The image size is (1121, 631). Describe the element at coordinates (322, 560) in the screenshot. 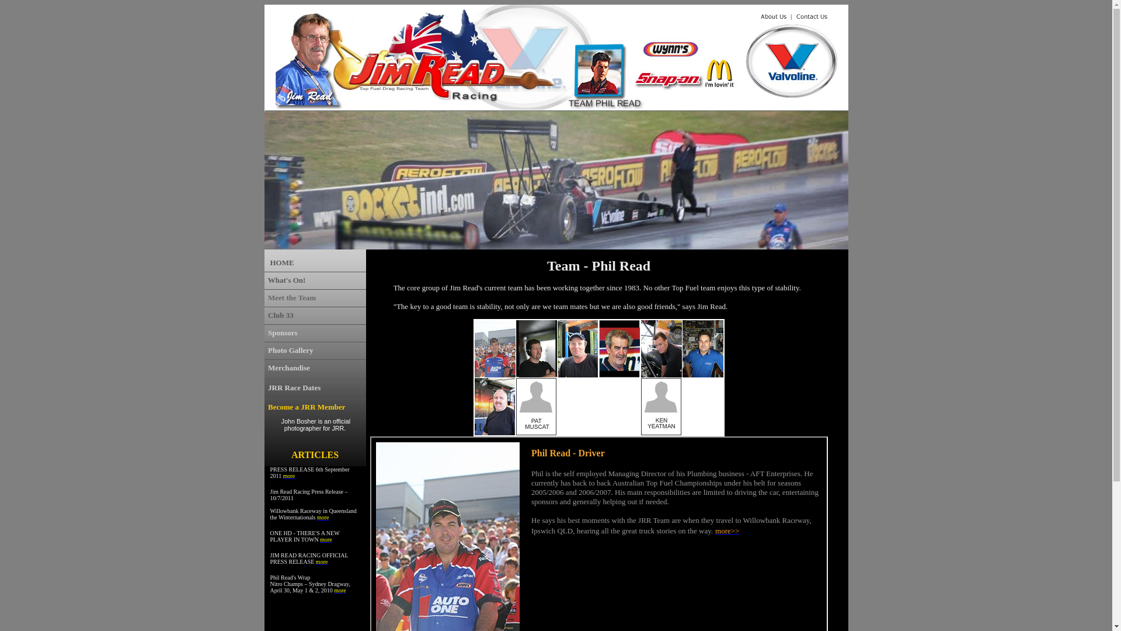

I see `'more'` at that location.